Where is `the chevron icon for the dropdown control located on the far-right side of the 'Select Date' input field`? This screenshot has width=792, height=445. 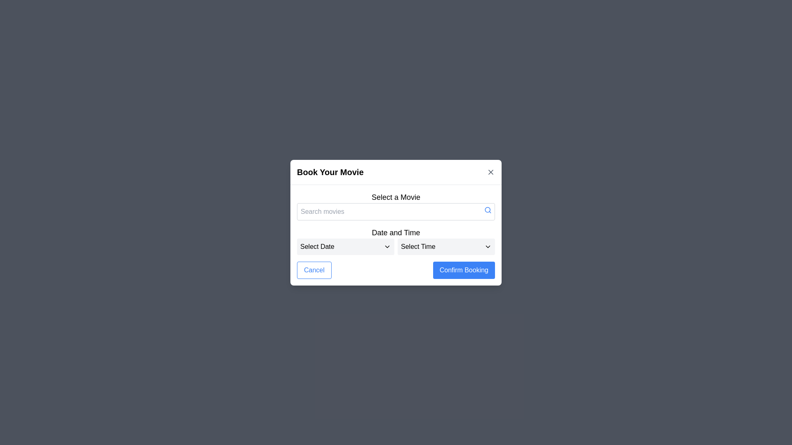
the chevron icon for the dropdown control located on the far-right side of the 'Select Date' input field is located at coordinates (387, 246).